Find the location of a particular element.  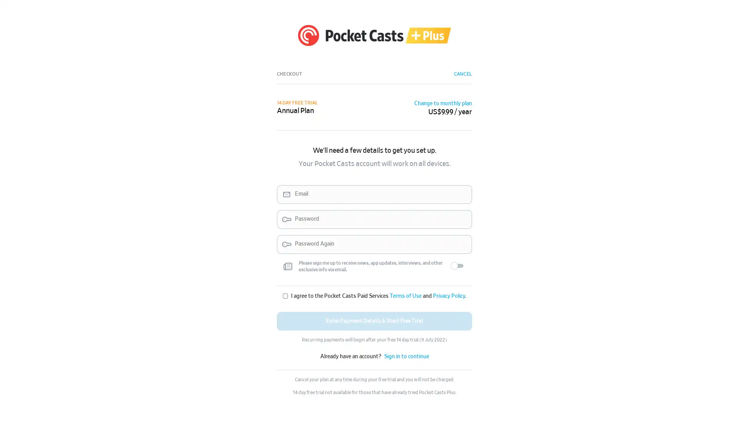

Change to monthly plan is located at coordinates (443, 103).